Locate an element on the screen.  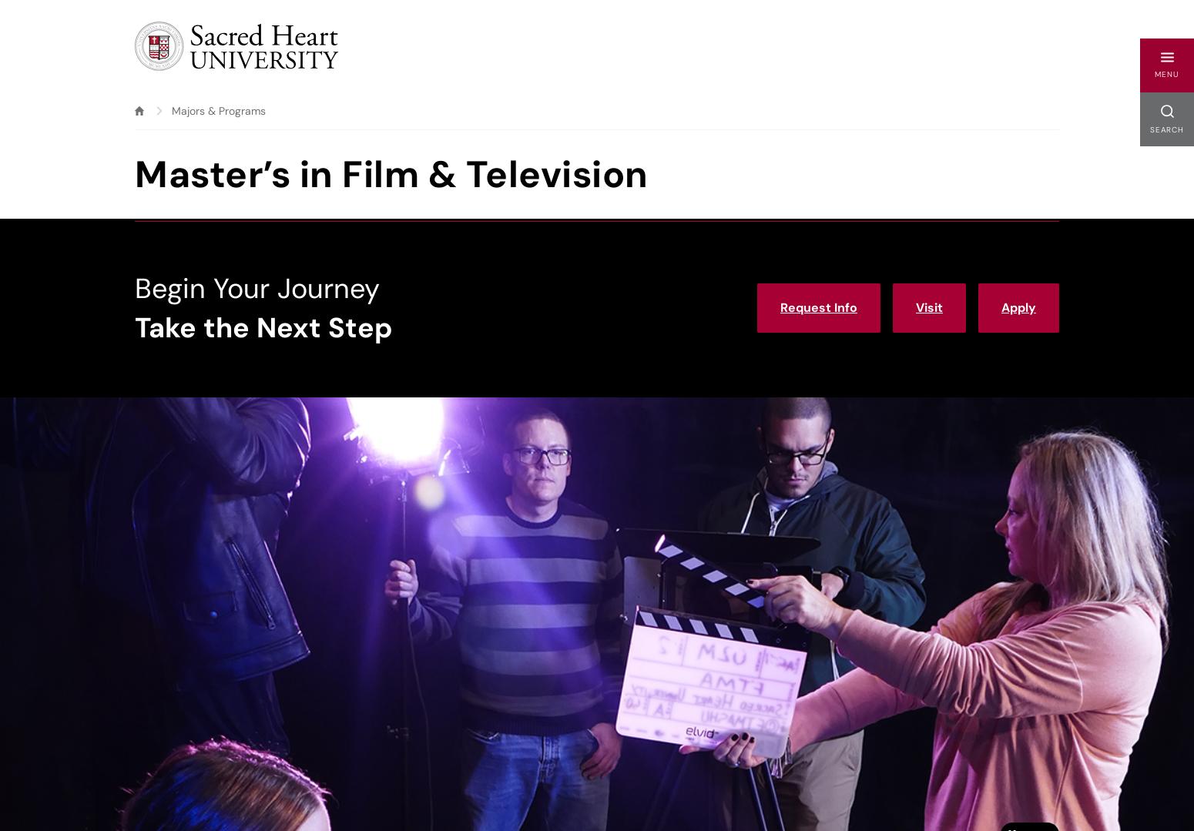
'0' is located at coordinates (1047, 111).